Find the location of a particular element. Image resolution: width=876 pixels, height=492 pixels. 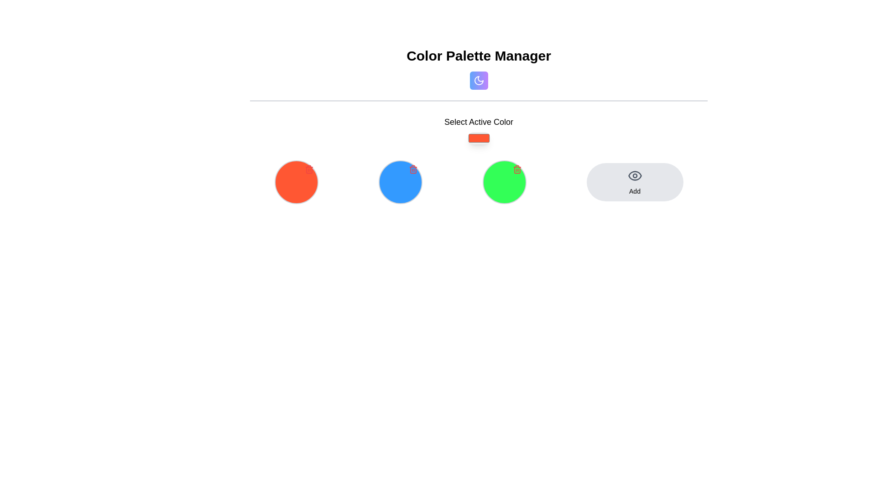

the toggle button for activating dark mode located below the 'Color Palette Manager' title is located at coordinates (478, 80).